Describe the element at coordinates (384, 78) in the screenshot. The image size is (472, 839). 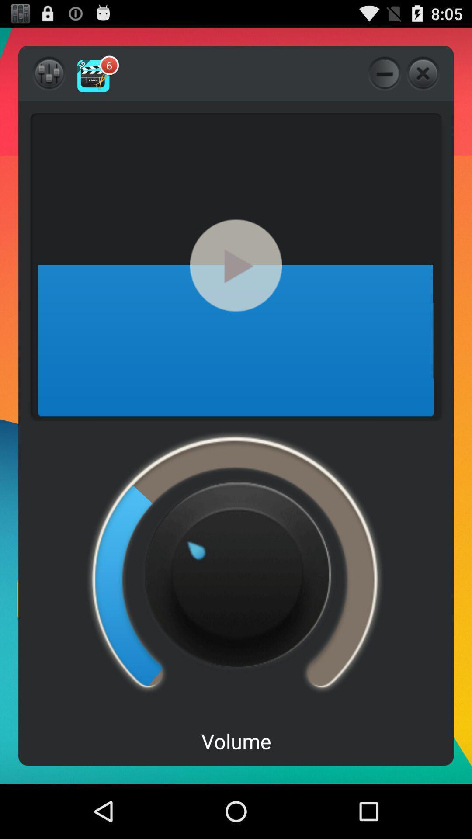
I see `the minus icon` at that location.